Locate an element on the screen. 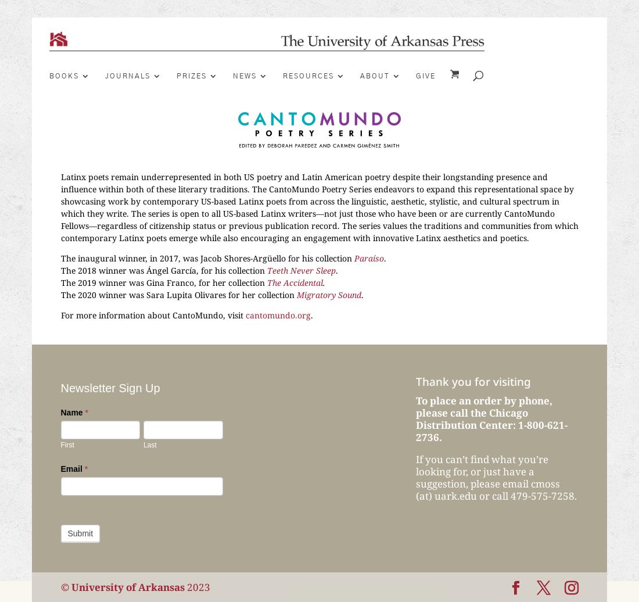  'Latinx poets remain underrepresented in both US poetry and Latin American poetry despite their longstanding presence and influence within both of these literary traditions. The CantoMundo Poetry Series endeavors to expand this representational space by showcasing work by contemporary US-based Latinx poets from across the linguistic, aesthetic, stylistic, and cultural spectrum in which they write. The series is open to all US-based Latinx writers—not just those who have been or are currently CantoMundo Fellows—regardless of citizenship status or previous publication record. The series values the traditions and communities from which contemporary Latinx poets emerge while also encouraging an engagement with innovative Latinx aesthetics and poetics.' is located at coordinates (319, 207).